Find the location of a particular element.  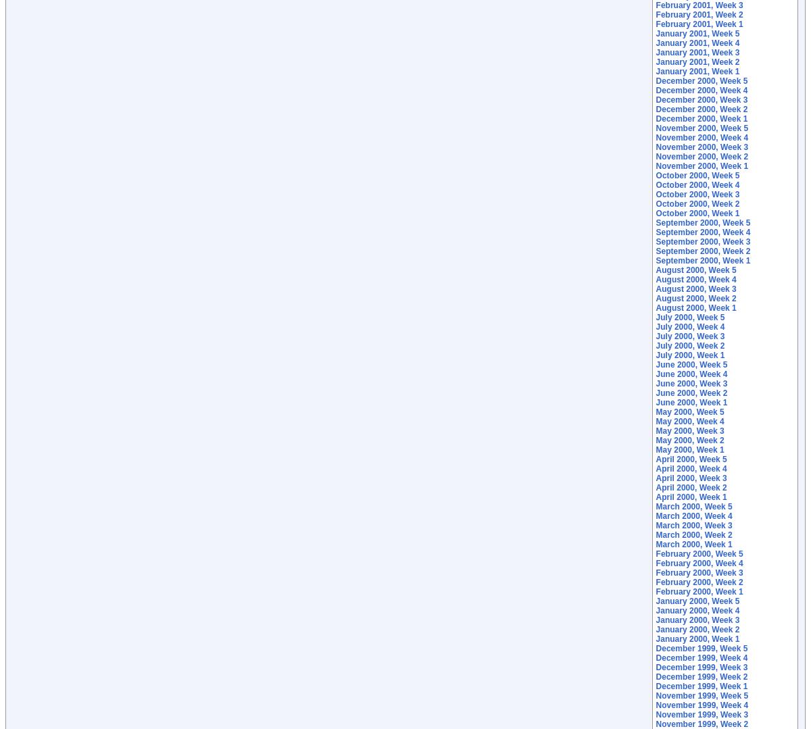

'November 1999, Week 2' is located at coordinates (702, 723).